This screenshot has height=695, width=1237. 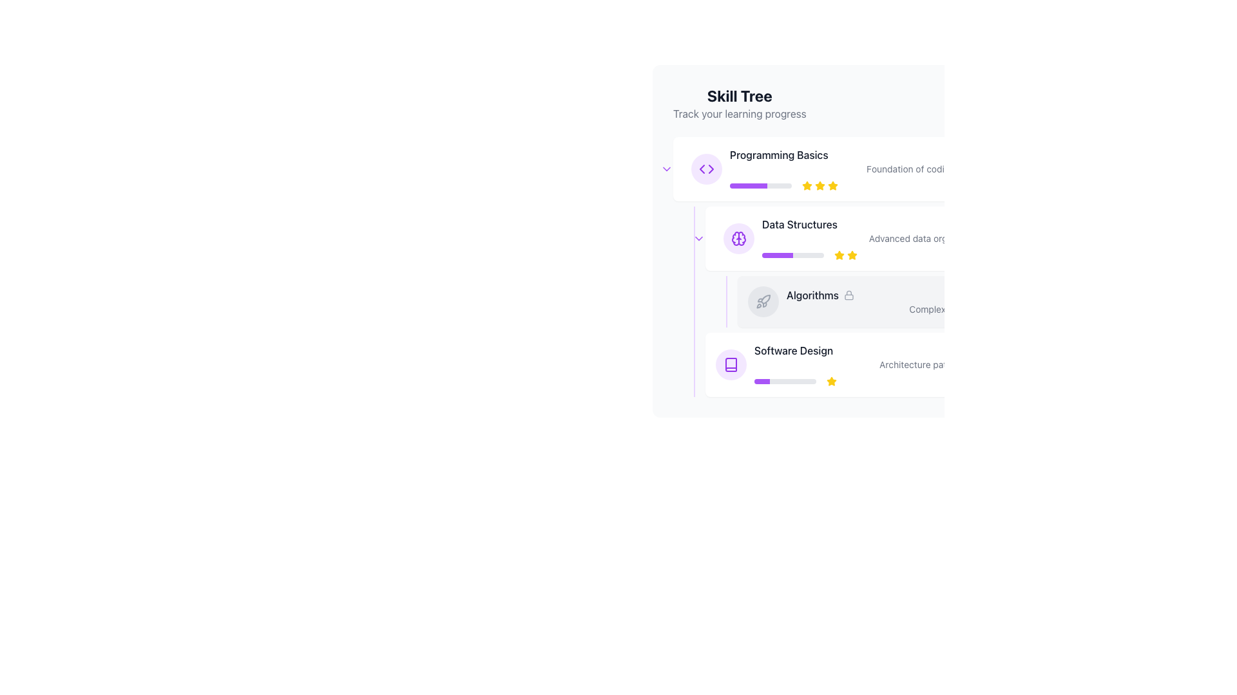 What do you see at coordinates (792, 255) in the screenshot?
I see `the Progress bar that visually represents the user's progress in the 'Data Structures' skill area, located beneath the 'Data Structures' heading and to the left of the star rating interface` at bounding box center [792, 255].